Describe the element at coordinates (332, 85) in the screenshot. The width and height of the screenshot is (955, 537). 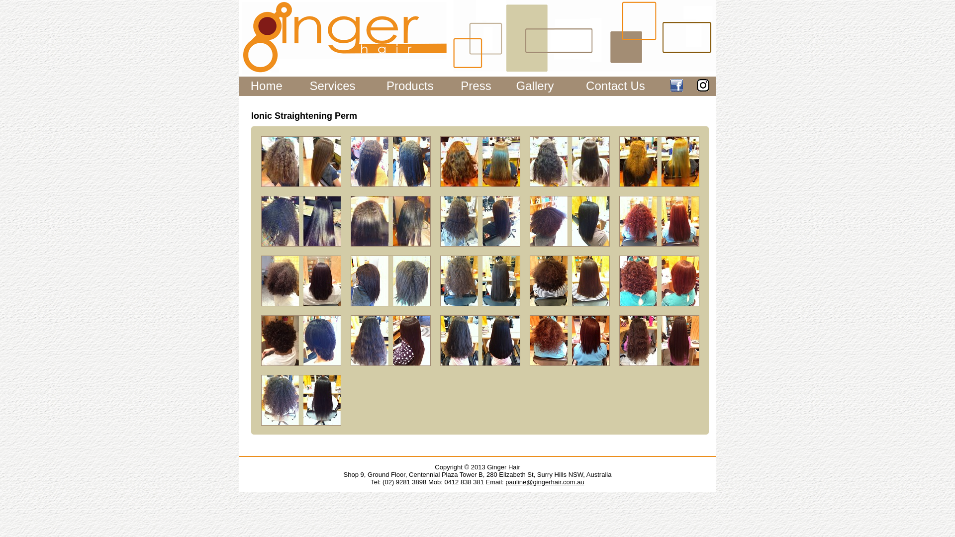
I see `'Services'` at that location.